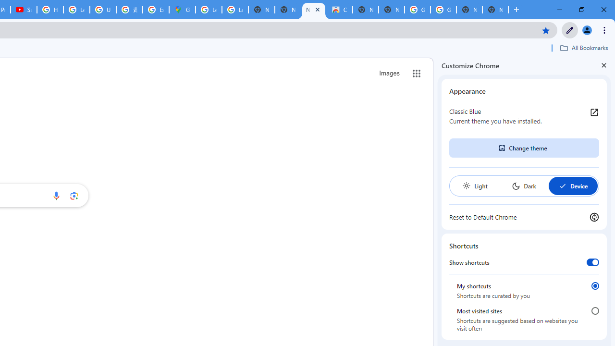  Describe the element at coordinates (523, 186) in the screenshot. I see `'Dark'` at that location.